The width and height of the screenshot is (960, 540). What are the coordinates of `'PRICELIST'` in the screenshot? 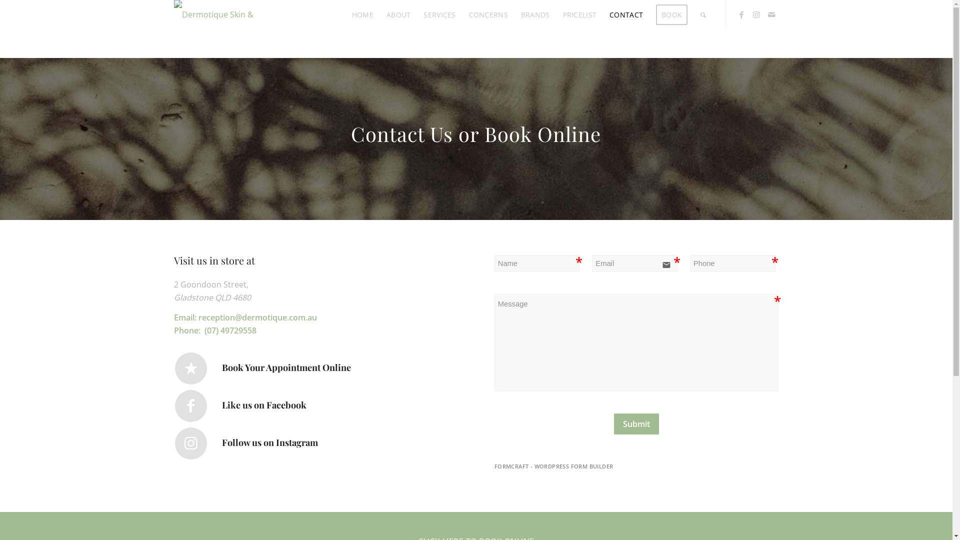 It's located at (580, 14).